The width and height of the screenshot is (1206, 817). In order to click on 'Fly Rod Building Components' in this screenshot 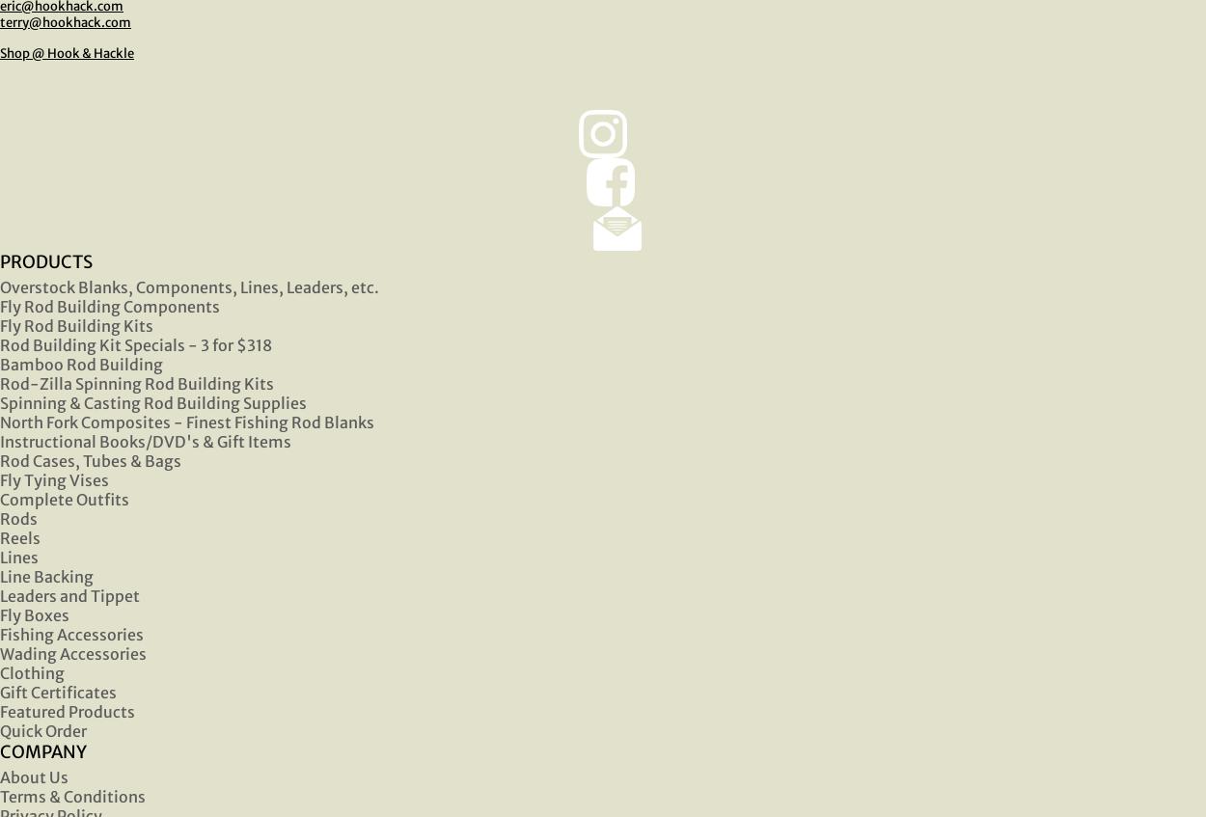, I will do `click(0, 306)`.